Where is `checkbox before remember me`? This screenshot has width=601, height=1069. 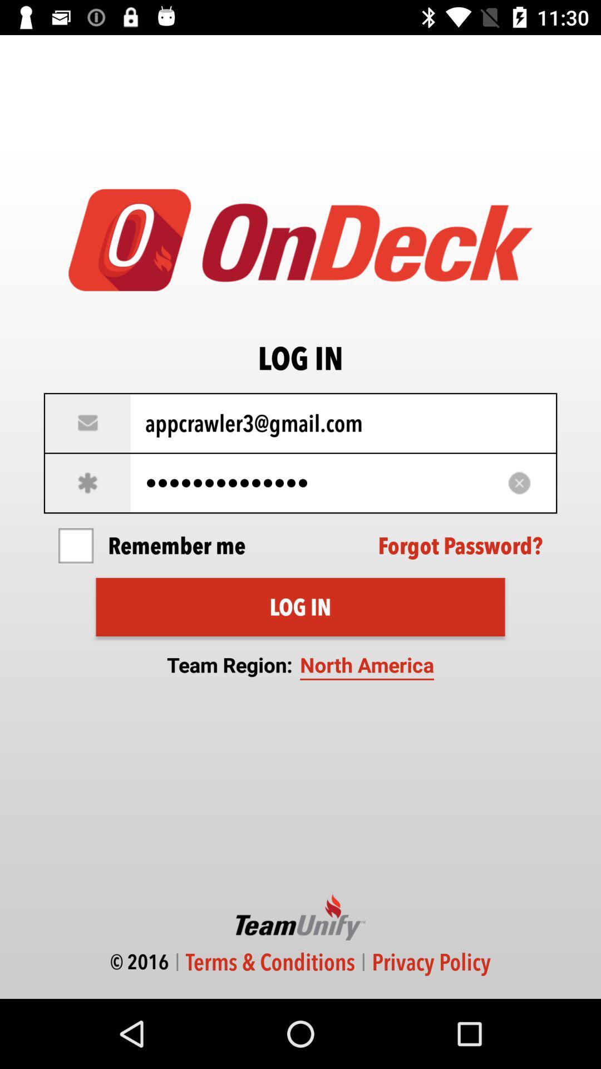
checkbox before remember me is located at coordinates (75, 546).